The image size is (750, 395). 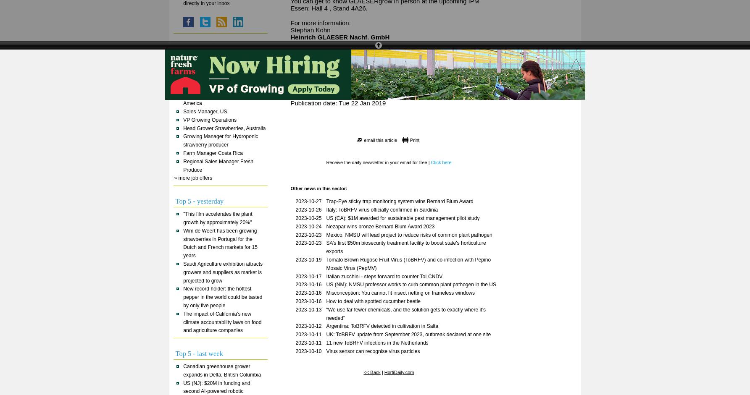 What do you see at coordinates (300, 73) in the screenshot?
I see `'E-Mail:'` at bounding box center [300, 73].